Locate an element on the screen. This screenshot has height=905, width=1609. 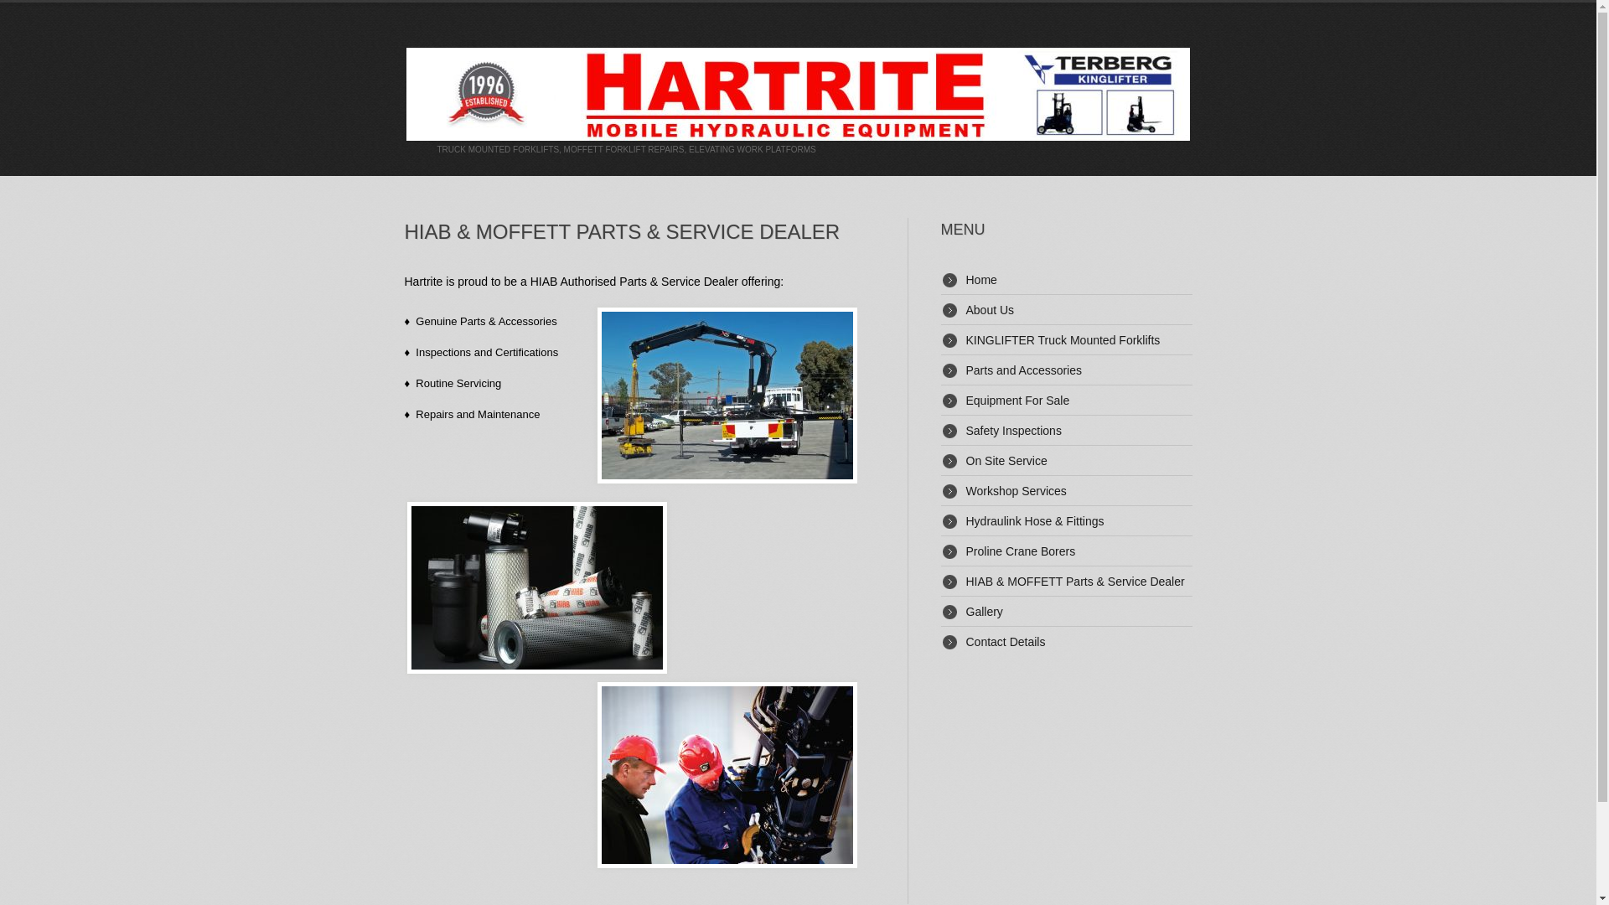
'Contact Details' is located at coordinates (1005, 641).